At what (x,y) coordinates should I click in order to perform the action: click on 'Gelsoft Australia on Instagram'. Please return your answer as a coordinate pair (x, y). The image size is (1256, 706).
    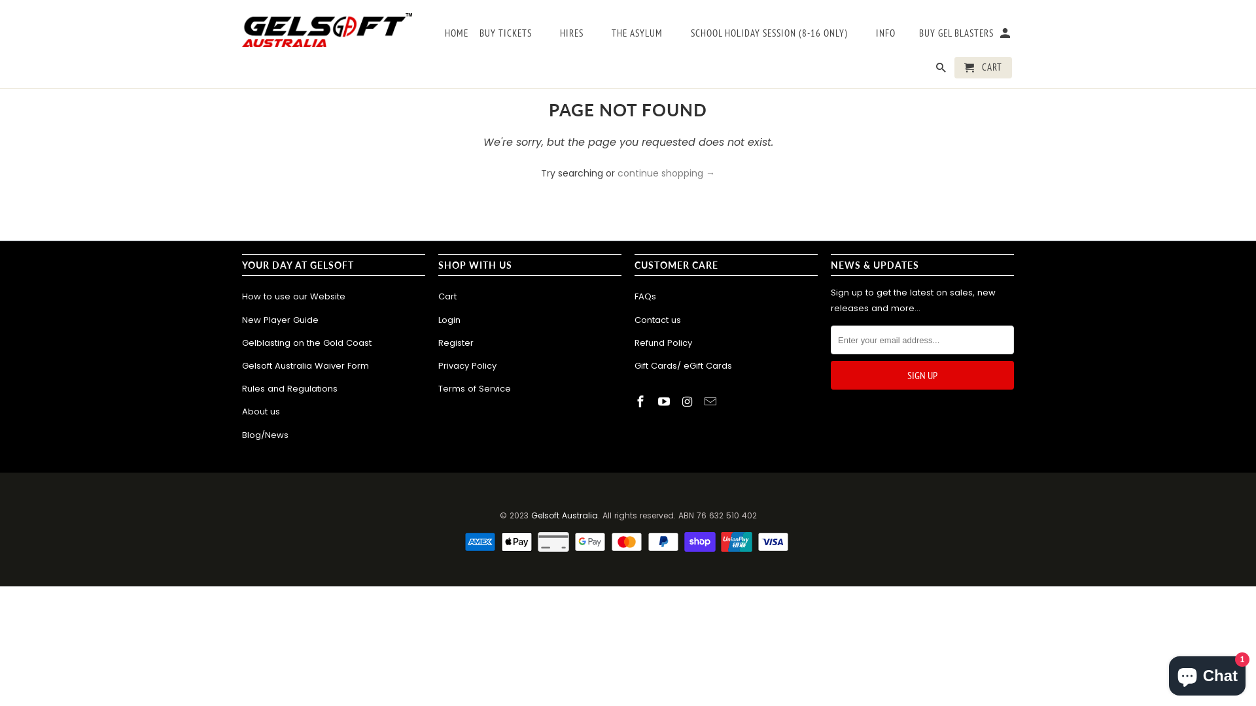
    Looking at the image, I should click on (680, 401).